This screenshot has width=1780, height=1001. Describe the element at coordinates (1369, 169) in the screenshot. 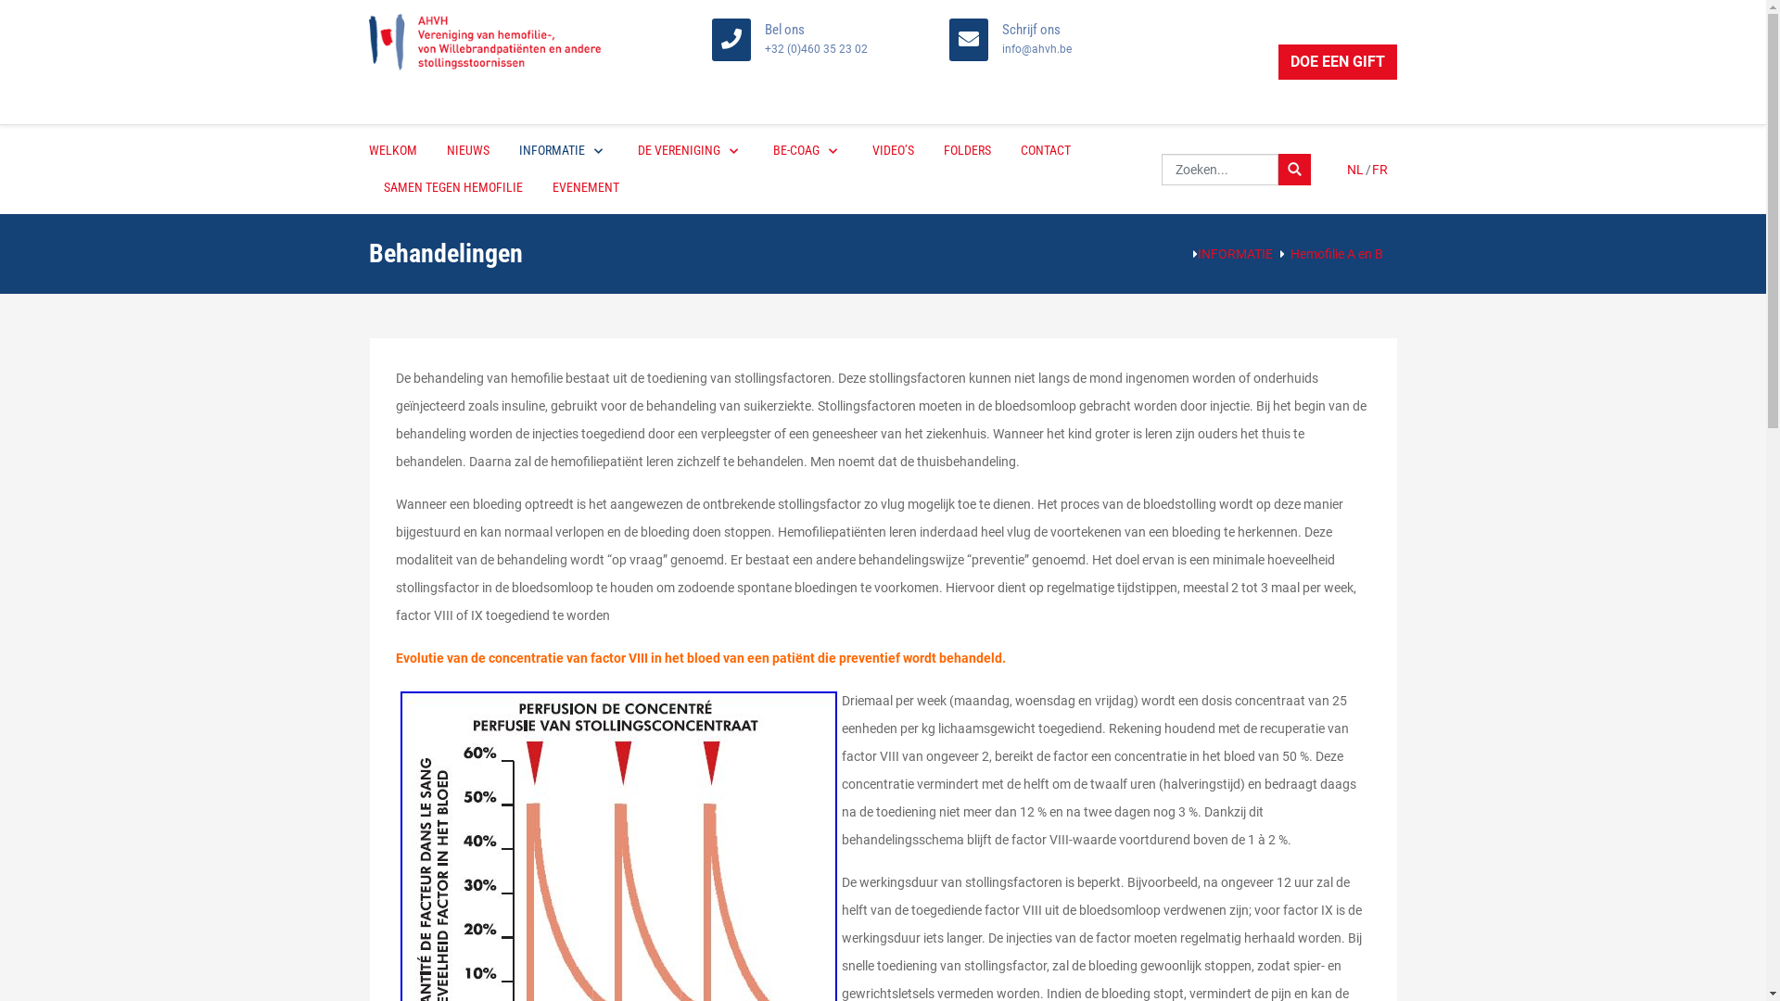

I see `'FR'` at that location.